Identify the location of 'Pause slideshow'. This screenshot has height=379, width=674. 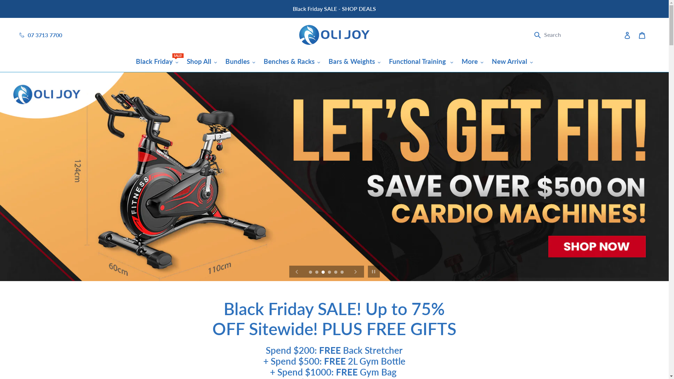
(373, 271).